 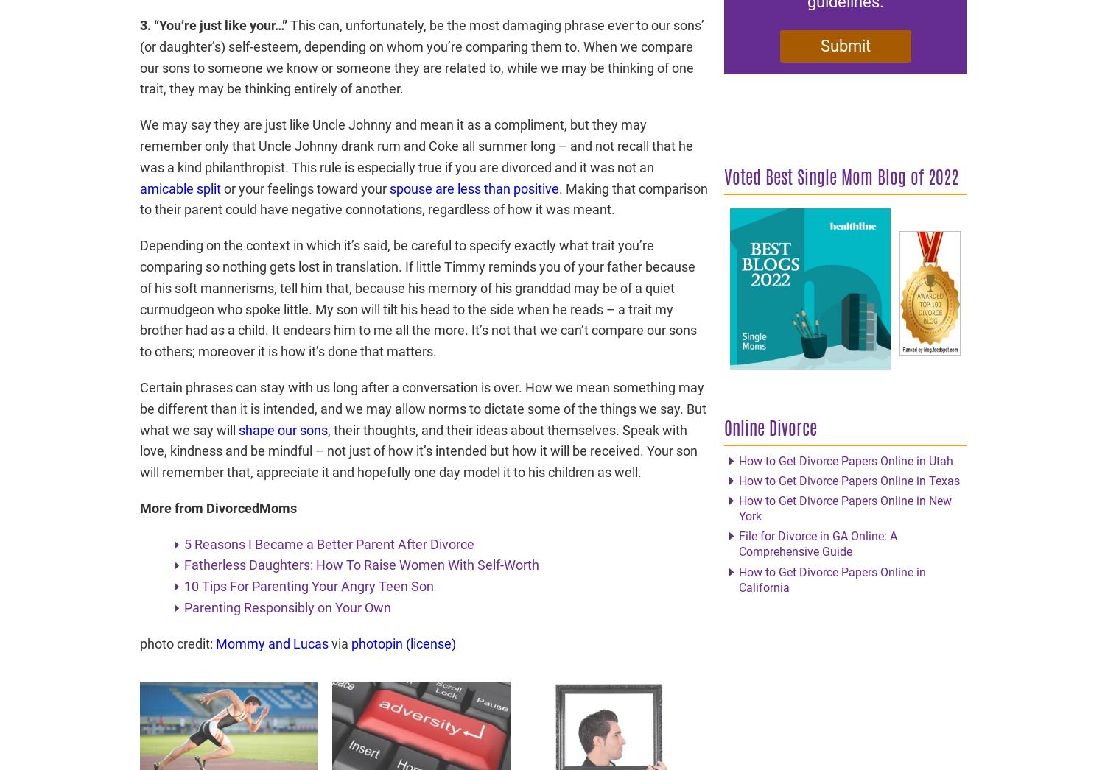 What do you see at coordinates (329, 543) in the screenshot?
I see `'5 Reasons I Became a Better Parent After Divorce'` at bounding box center [329, 543].